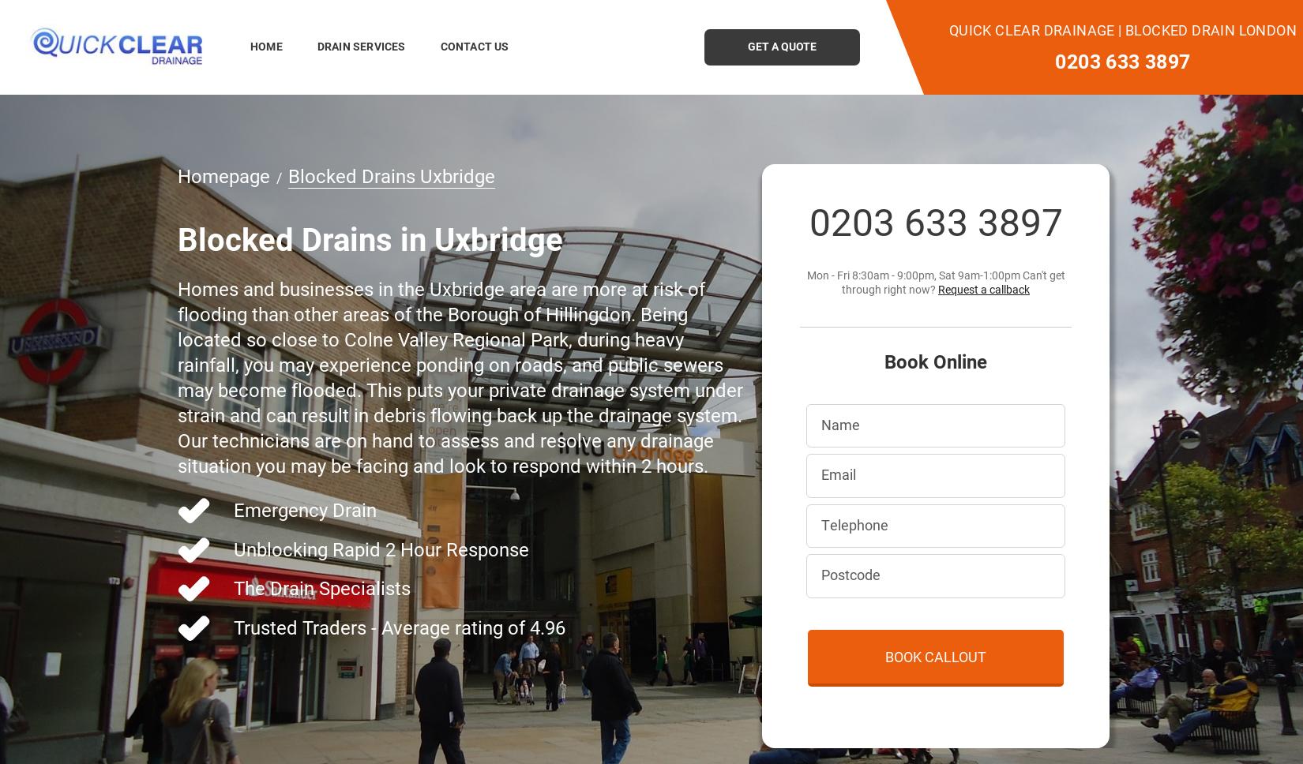  I want to click on 'Blocked Drains in Uxbridge', so click(369, 238).